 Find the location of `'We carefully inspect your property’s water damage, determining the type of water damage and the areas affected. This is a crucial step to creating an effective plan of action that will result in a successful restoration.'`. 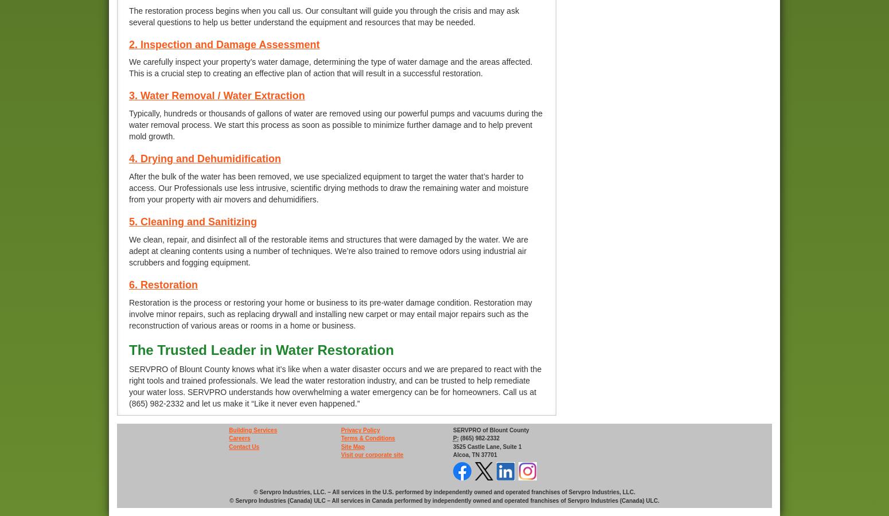

'We carefully inspect your property’s water damage, determining the type of water damage and the areas affected. This is a crucial step to creating an effective plan of action that will result in a successful restoration.' is located at coordinates (128, 67).